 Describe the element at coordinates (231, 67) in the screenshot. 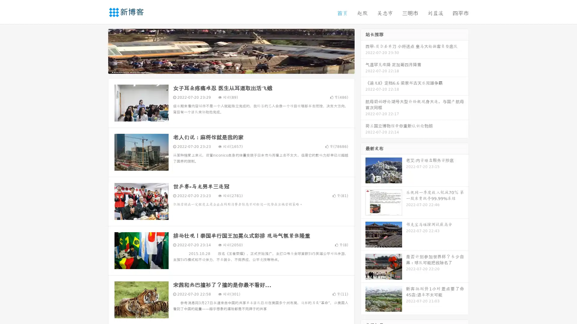

I see `Go to slide 2` at that location.